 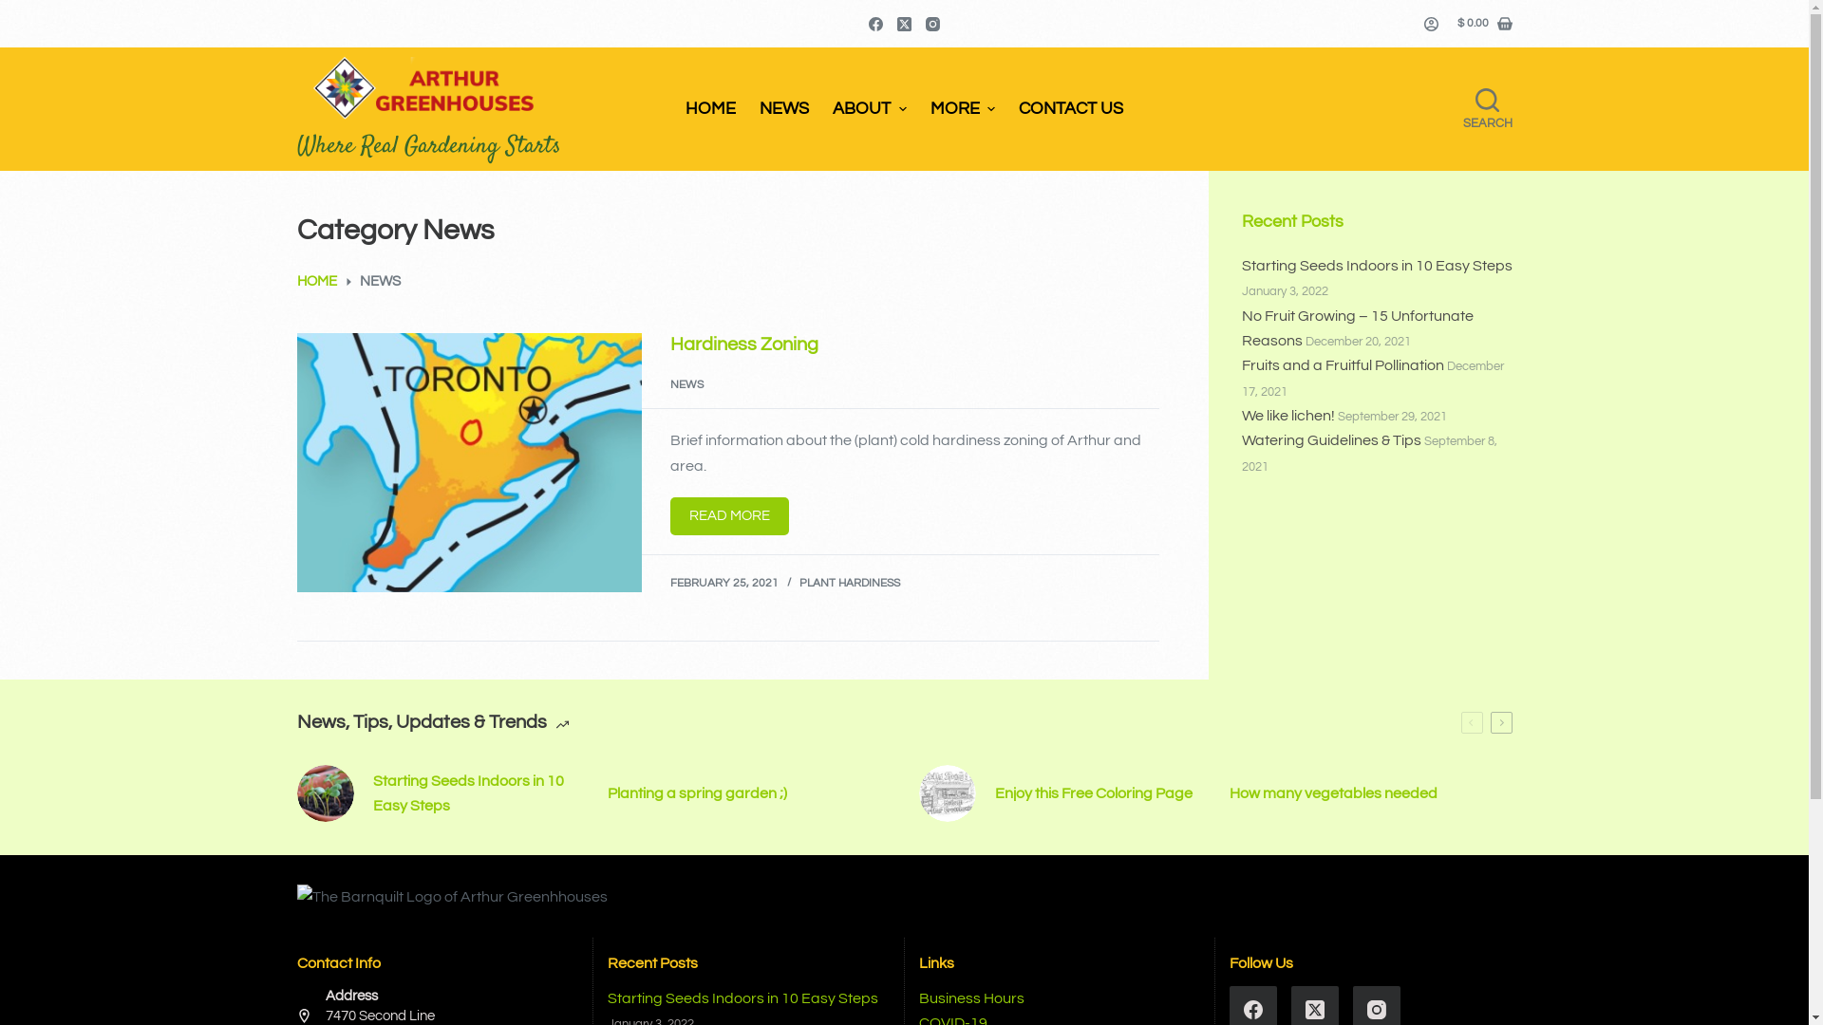 I want to click on 'MORE', so click(x=962, y=109).